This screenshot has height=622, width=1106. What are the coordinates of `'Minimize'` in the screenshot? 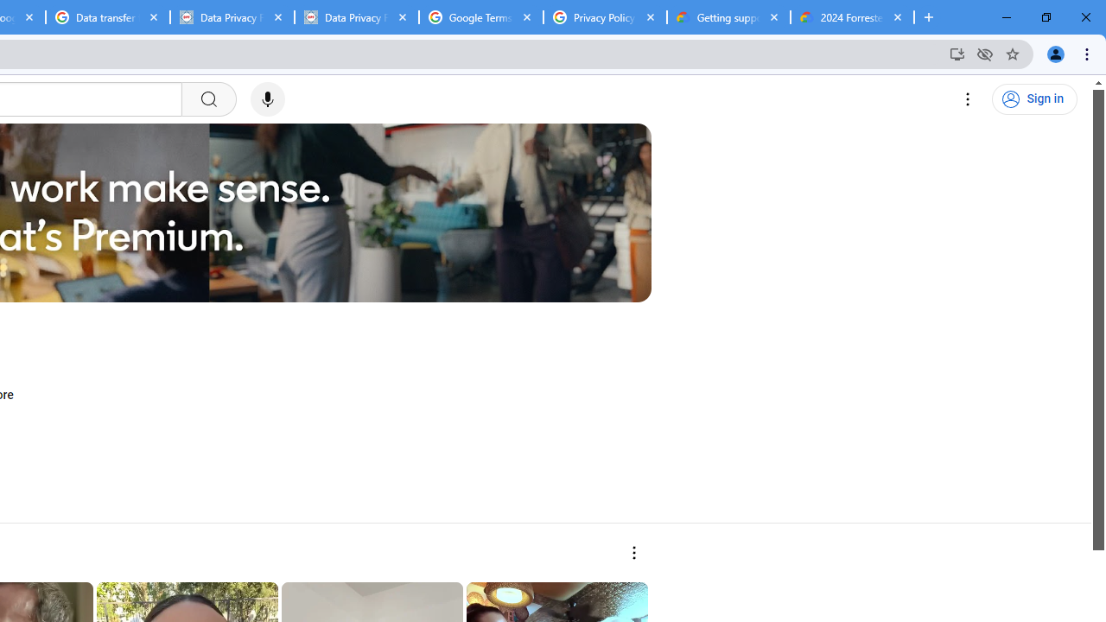 It's located at (1007, 17).